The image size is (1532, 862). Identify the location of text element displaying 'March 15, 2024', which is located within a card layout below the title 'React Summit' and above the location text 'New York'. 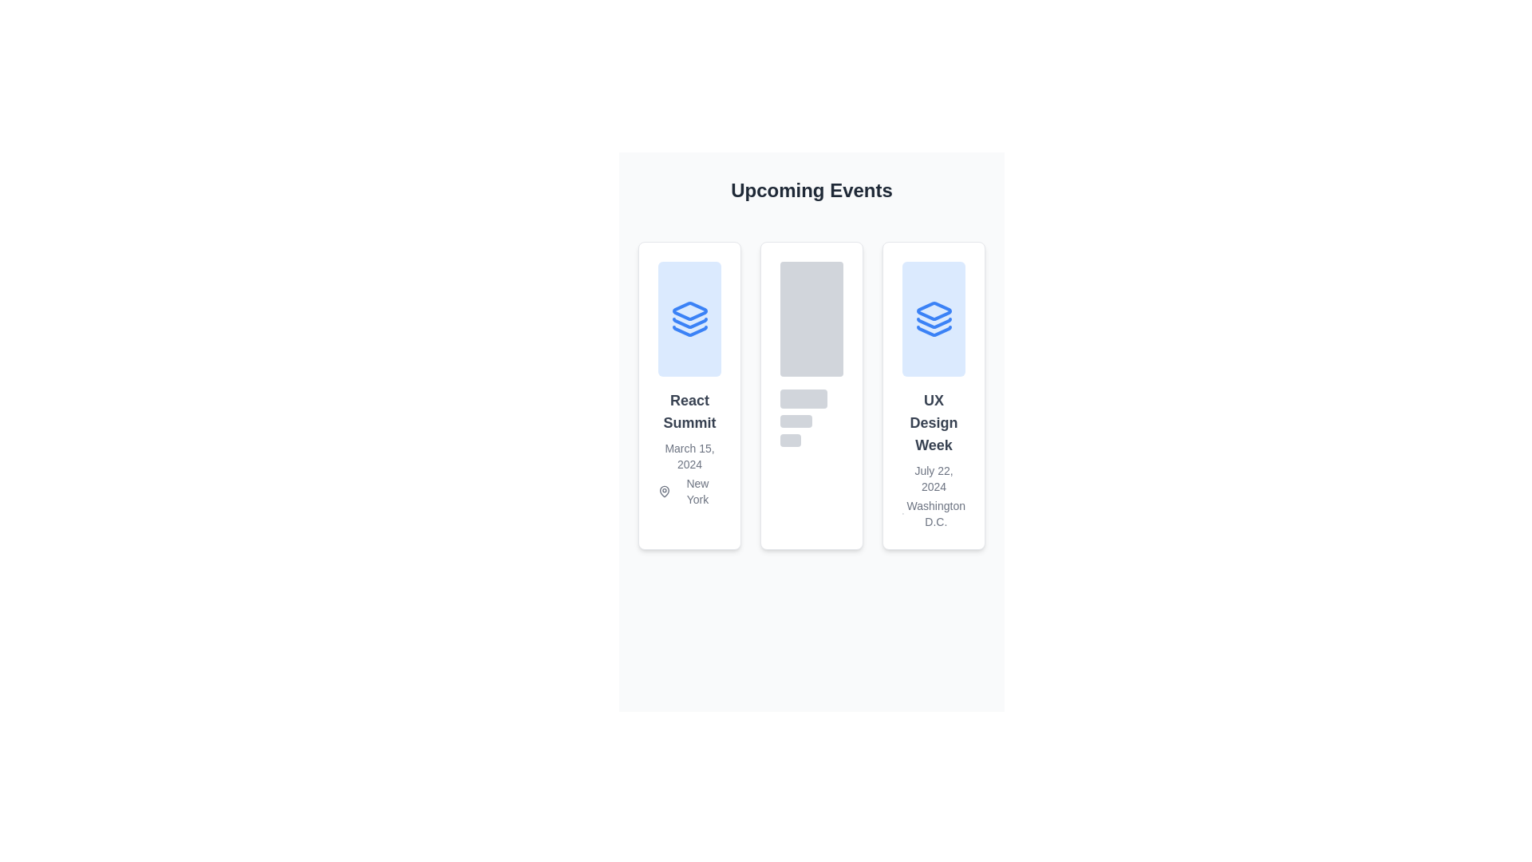
(689, 456).